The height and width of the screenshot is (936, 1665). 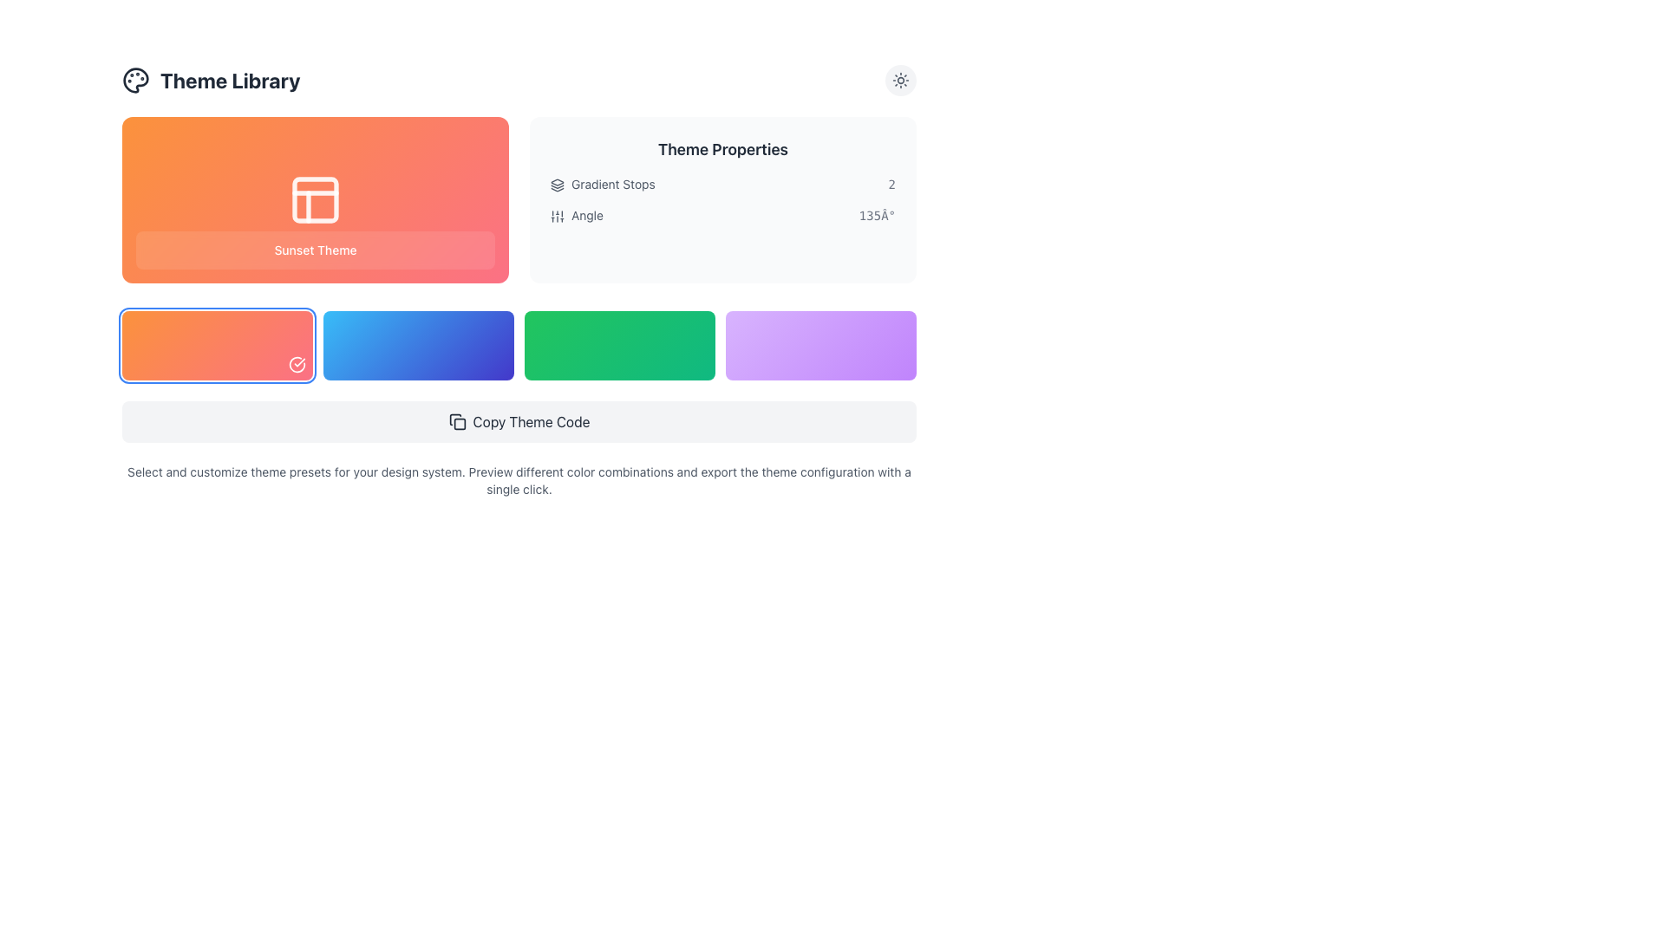 I want to click on the text label displaying the number '2' in a monospaced, gray font, located in the 'Theme Properties' section next to 'Gradient Stops', so click(x=891, y=184).